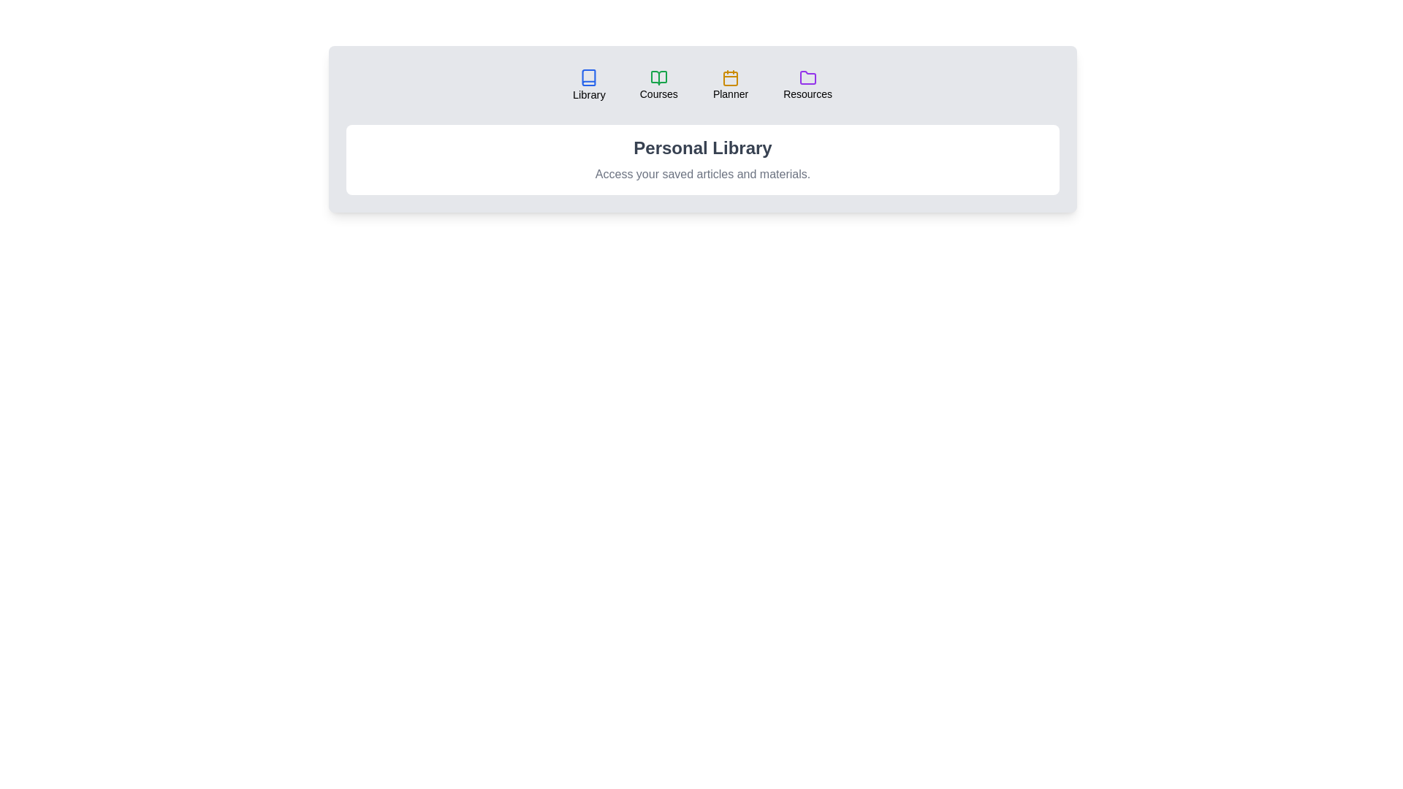 This screenshot has height=789, width=1403. Describe the element at coordinates (806, 85) in the screenshot. I see `the tab labeled 'Resources' to observe its hover effect` at that location.